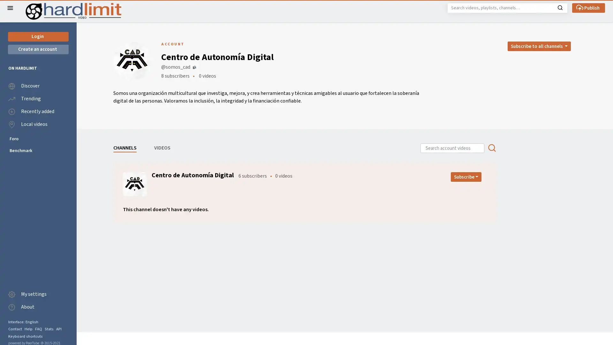 The image size is (613, 345). Describe the element at coordinates (539, 46) in the screenshot. I see `Open subscription dropdown` at that location.